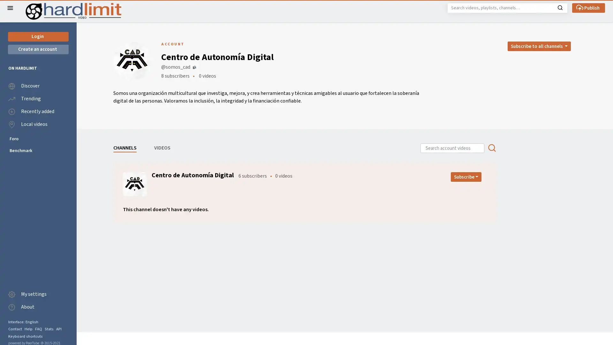 The image size is (613, 345). Describe the element at coordinates (539, 46) in the screenshot. I see `Open subscription dropdown` at that location.